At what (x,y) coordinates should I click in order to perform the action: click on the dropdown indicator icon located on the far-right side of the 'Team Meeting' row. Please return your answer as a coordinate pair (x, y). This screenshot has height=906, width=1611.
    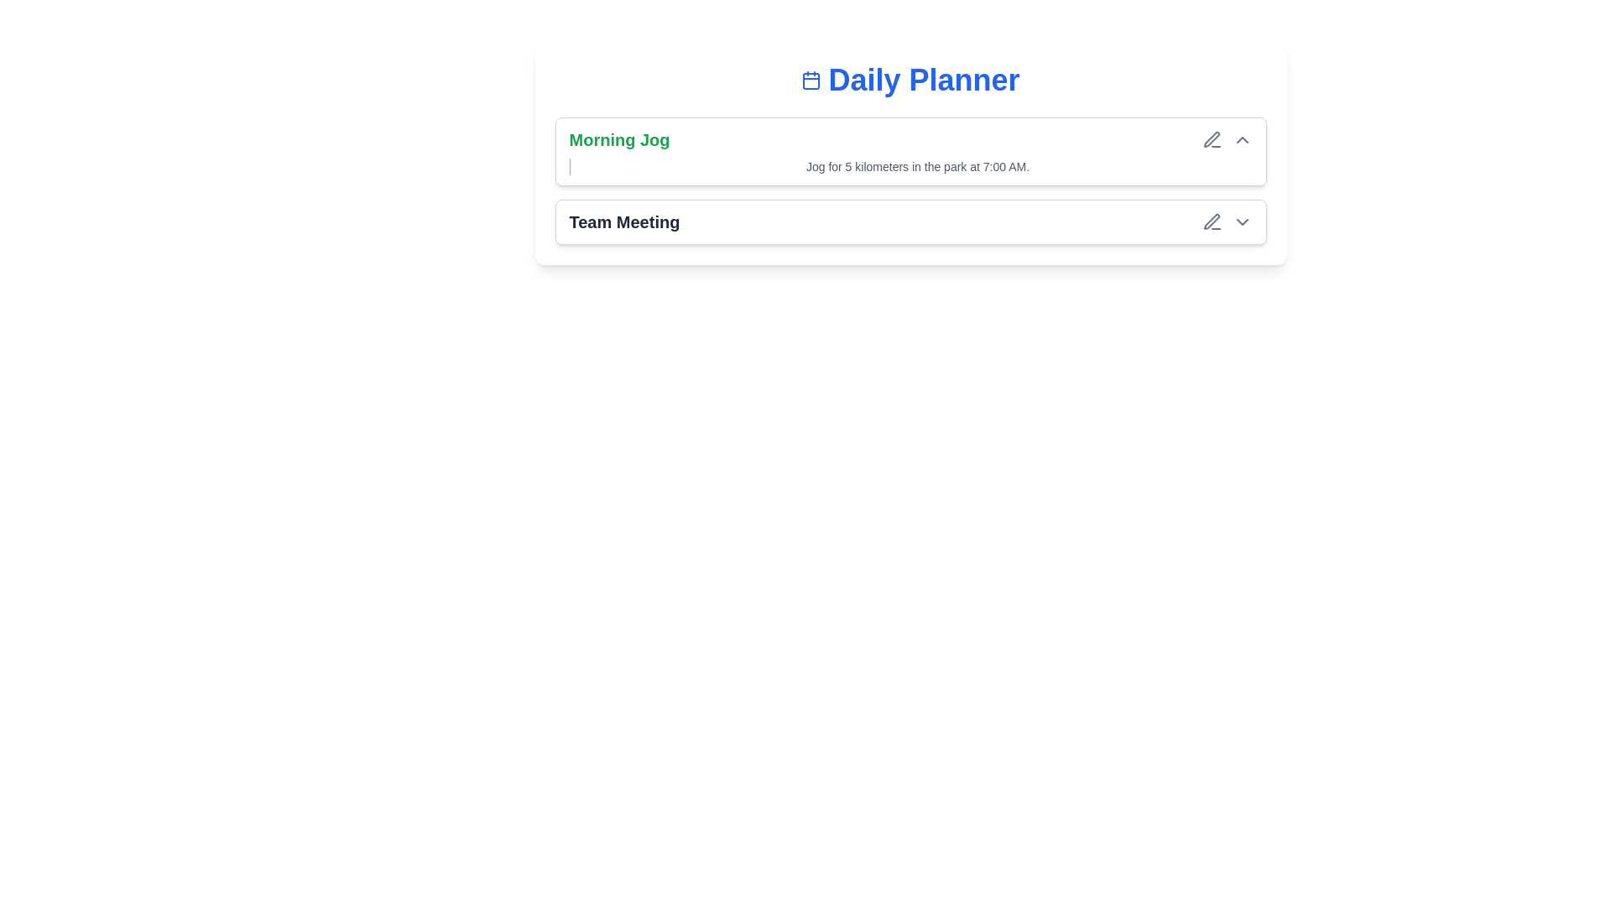
    Looking at the image, I should click on (1242, 221).